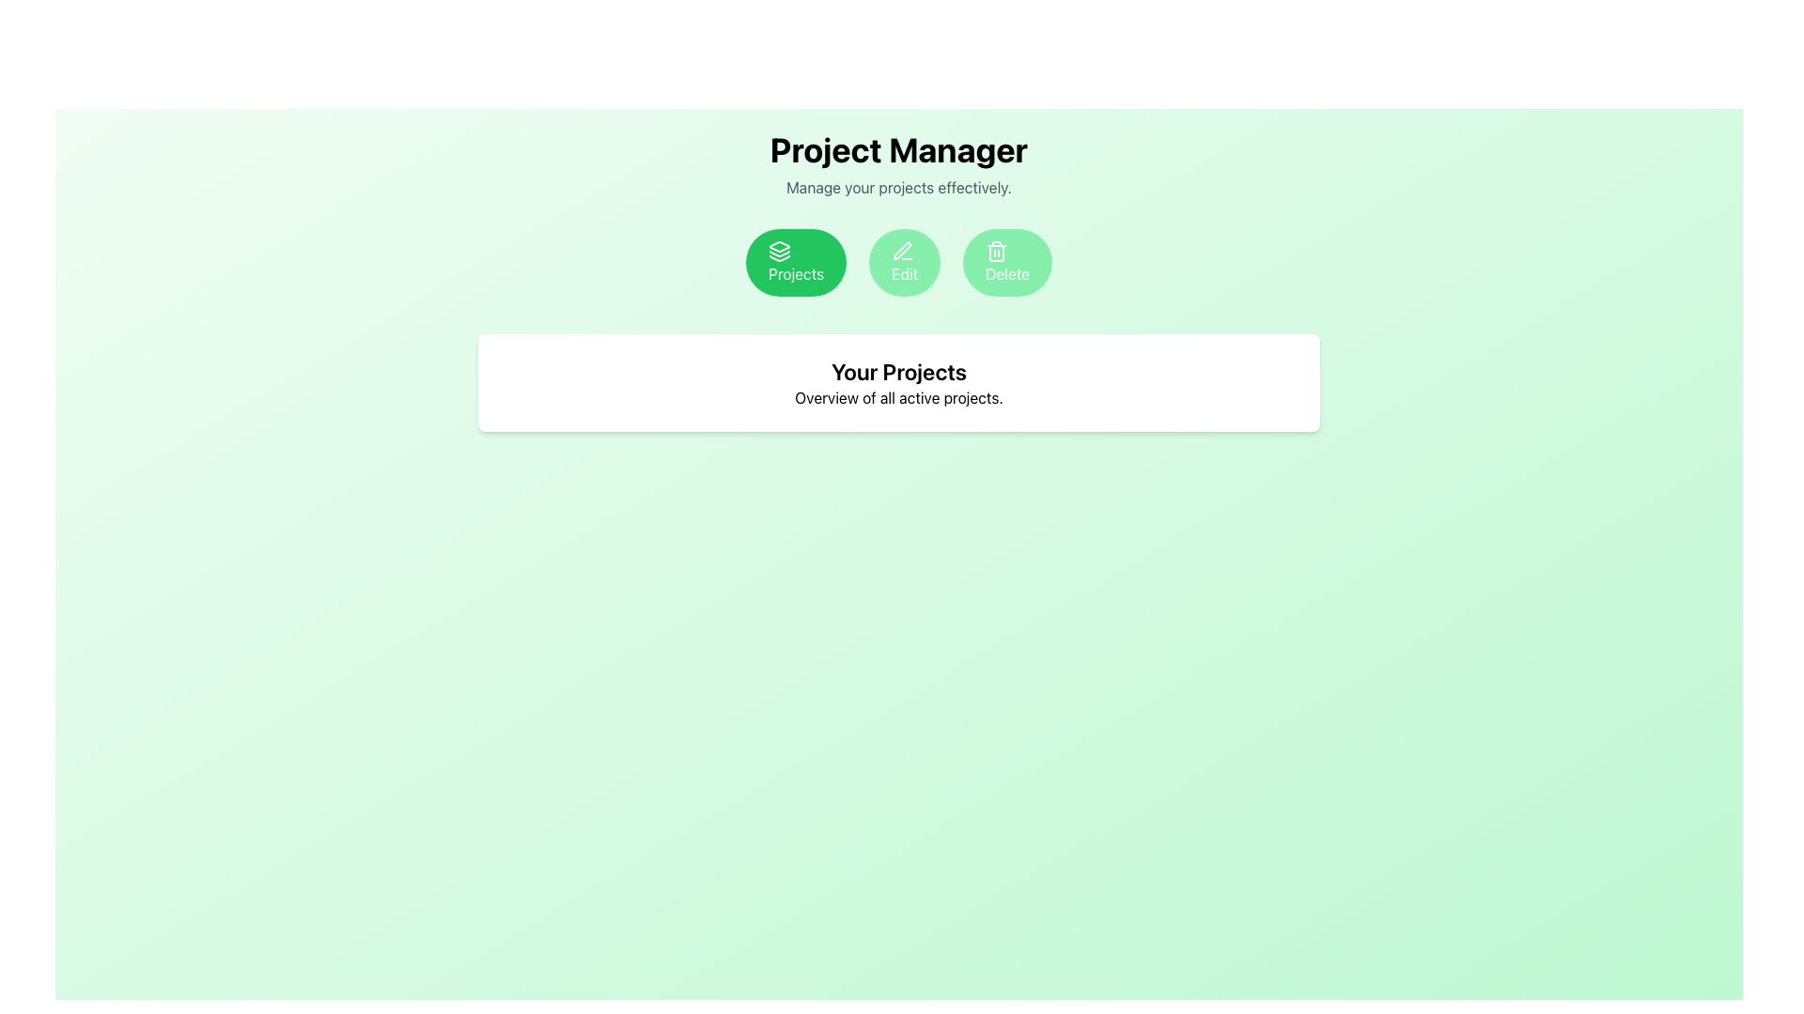 The width and height of the screenshot is (1804, 1014). What do you see at coordinates (897, 188) in the screenshot?
I see `the descriptive subtitle text located centrally below the 'Project Manager' heading, which provides additional information about the application's purpose` at bounding box center [897, 188].